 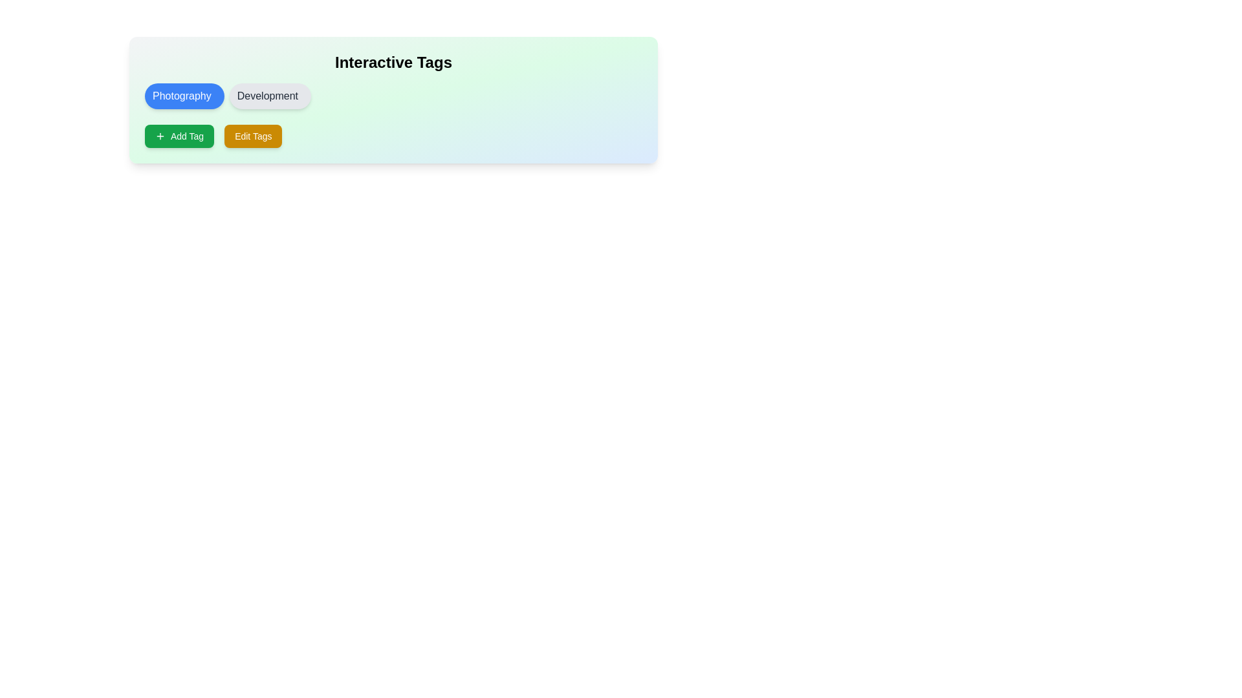 What do you see at coordinates (269, 96) in the screenshot?
I see `the 'Development' category button, which is the second button in a horizontal series of tags, located to the right of the 'Photography' button` at bounding box center [269, 96].